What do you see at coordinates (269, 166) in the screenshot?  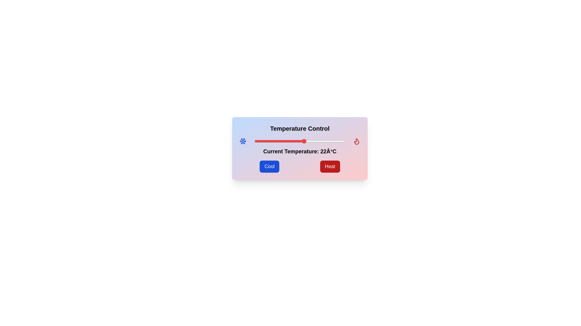 I see `the 'Cool' button to trigger the cooling action` at bounding box center [269, 166].